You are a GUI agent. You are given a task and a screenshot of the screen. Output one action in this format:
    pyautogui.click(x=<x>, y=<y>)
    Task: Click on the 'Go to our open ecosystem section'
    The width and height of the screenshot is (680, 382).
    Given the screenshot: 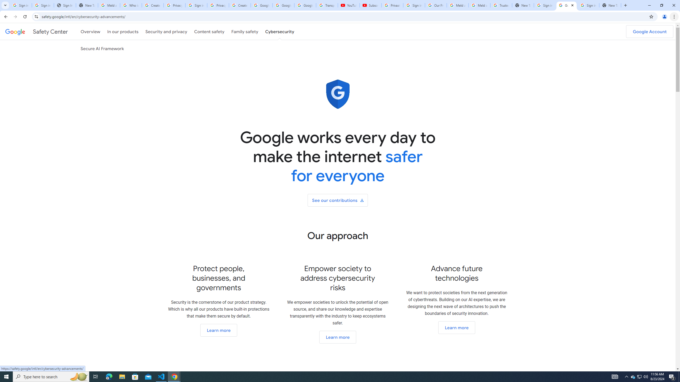 What is the action you would take?
    pyautogui.click(x=338, y=337)
    